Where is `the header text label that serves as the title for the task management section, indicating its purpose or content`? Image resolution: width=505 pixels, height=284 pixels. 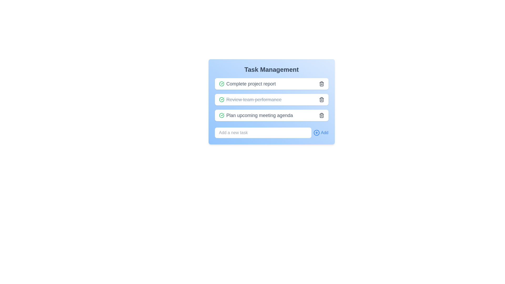
the header text label that serves as the title for the task management section, indicating its purpose or content is located at coordinates (271, 69).